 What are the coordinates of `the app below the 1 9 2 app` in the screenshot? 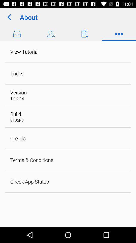 It's located at (16, 114).